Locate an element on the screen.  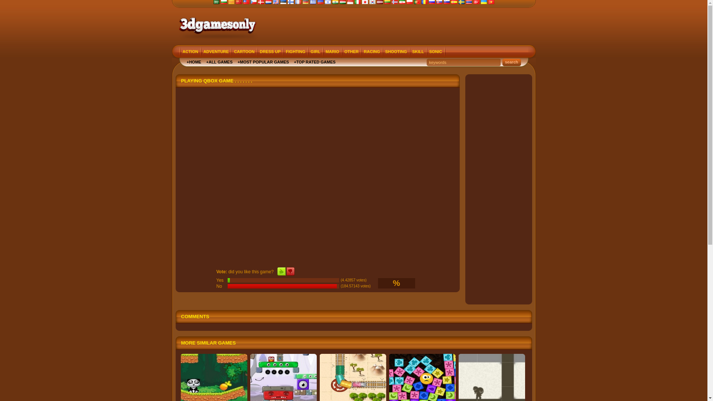
'SKILL' is located at coordinates (418, 51).